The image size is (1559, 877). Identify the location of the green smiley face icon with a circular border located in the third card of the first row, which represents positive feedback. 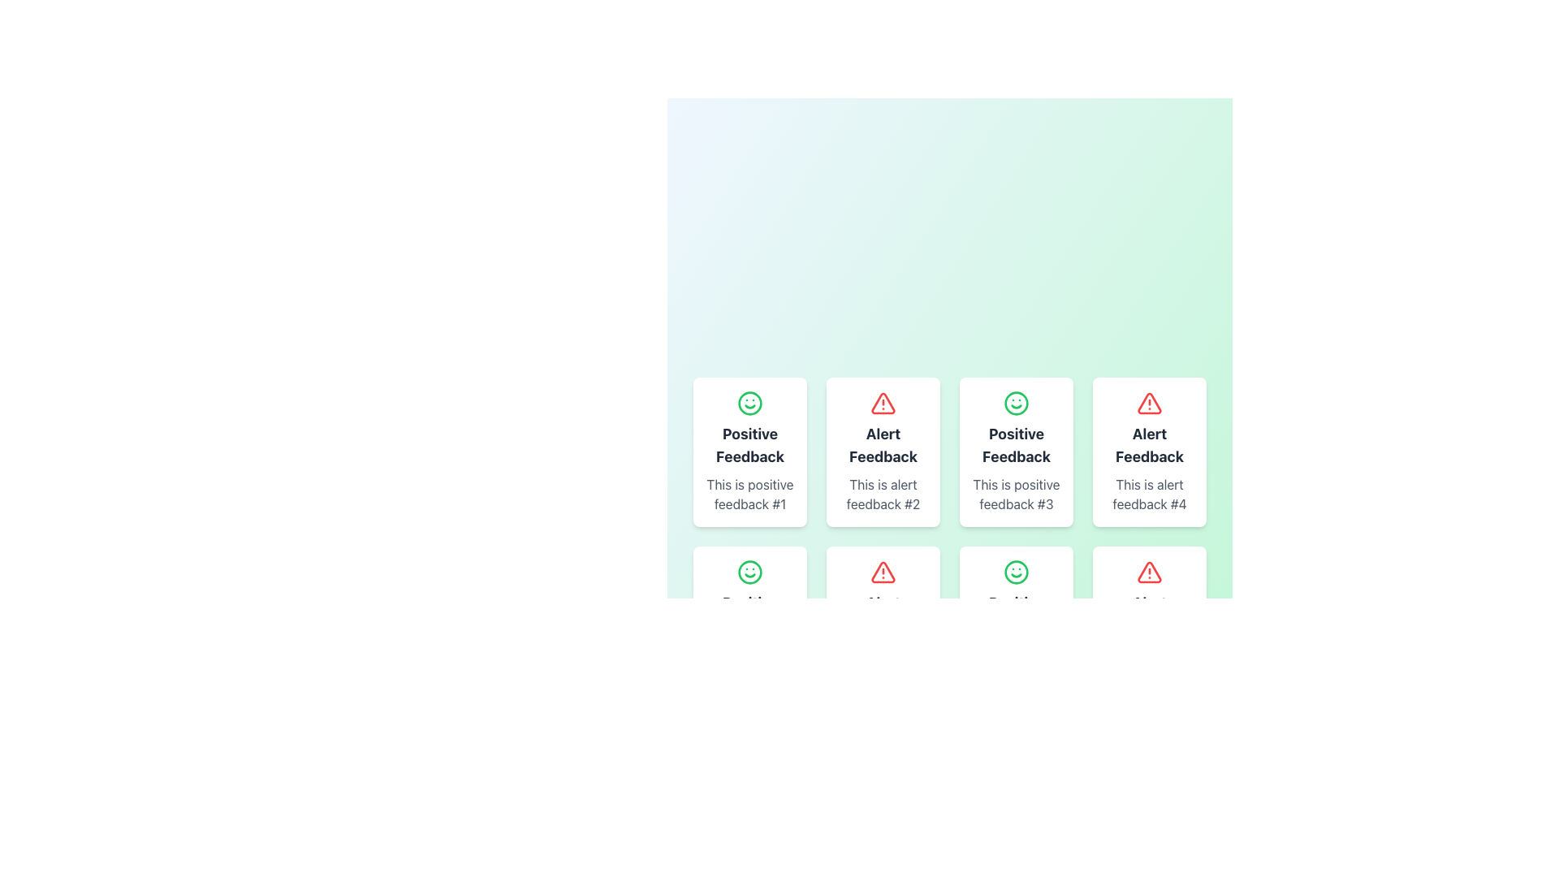
(1016, 403).